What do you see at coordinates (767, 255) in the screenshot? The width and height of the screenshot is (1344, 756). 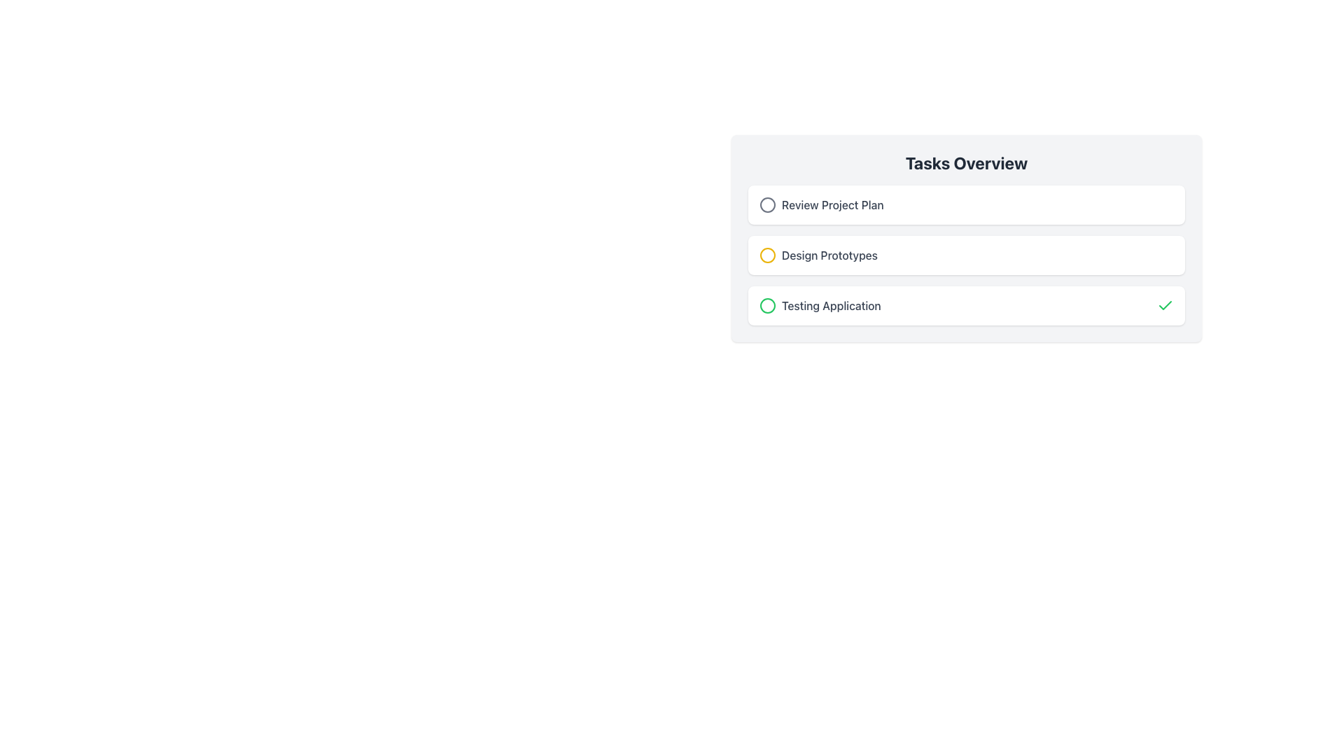 I see `the Circular Marker element with a yellow border located next to the 'Design Prototypes' task in the 'Tasks Overview' list` at bounding box center [767, 255].